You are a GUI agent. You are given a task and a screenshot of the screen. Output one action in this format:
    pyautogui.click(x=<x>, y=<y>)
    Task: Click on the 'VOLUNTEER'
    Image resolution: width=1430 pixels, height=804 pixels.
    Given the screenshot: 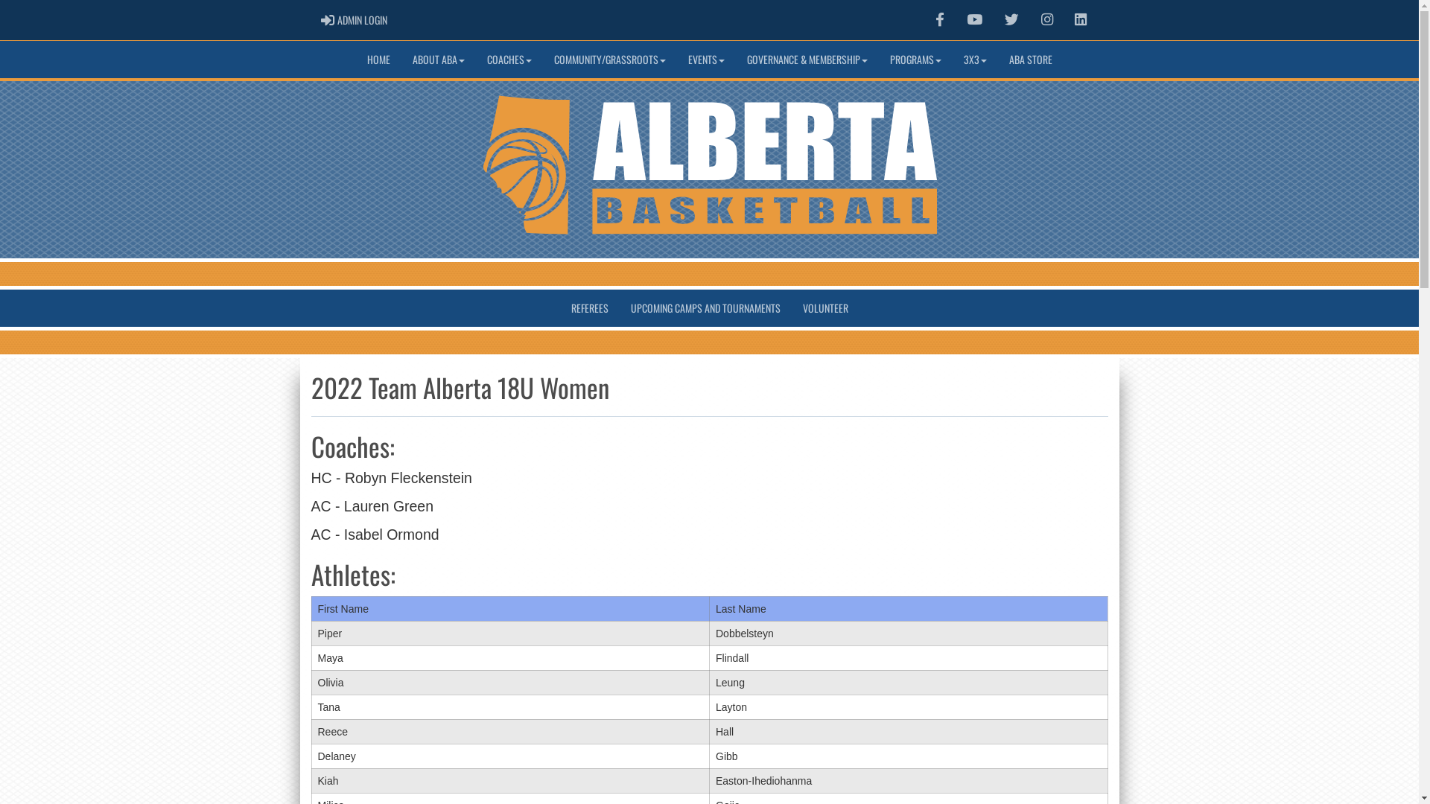 What is the action you would take?
    pyautogui.click(x=824, y=307)
    